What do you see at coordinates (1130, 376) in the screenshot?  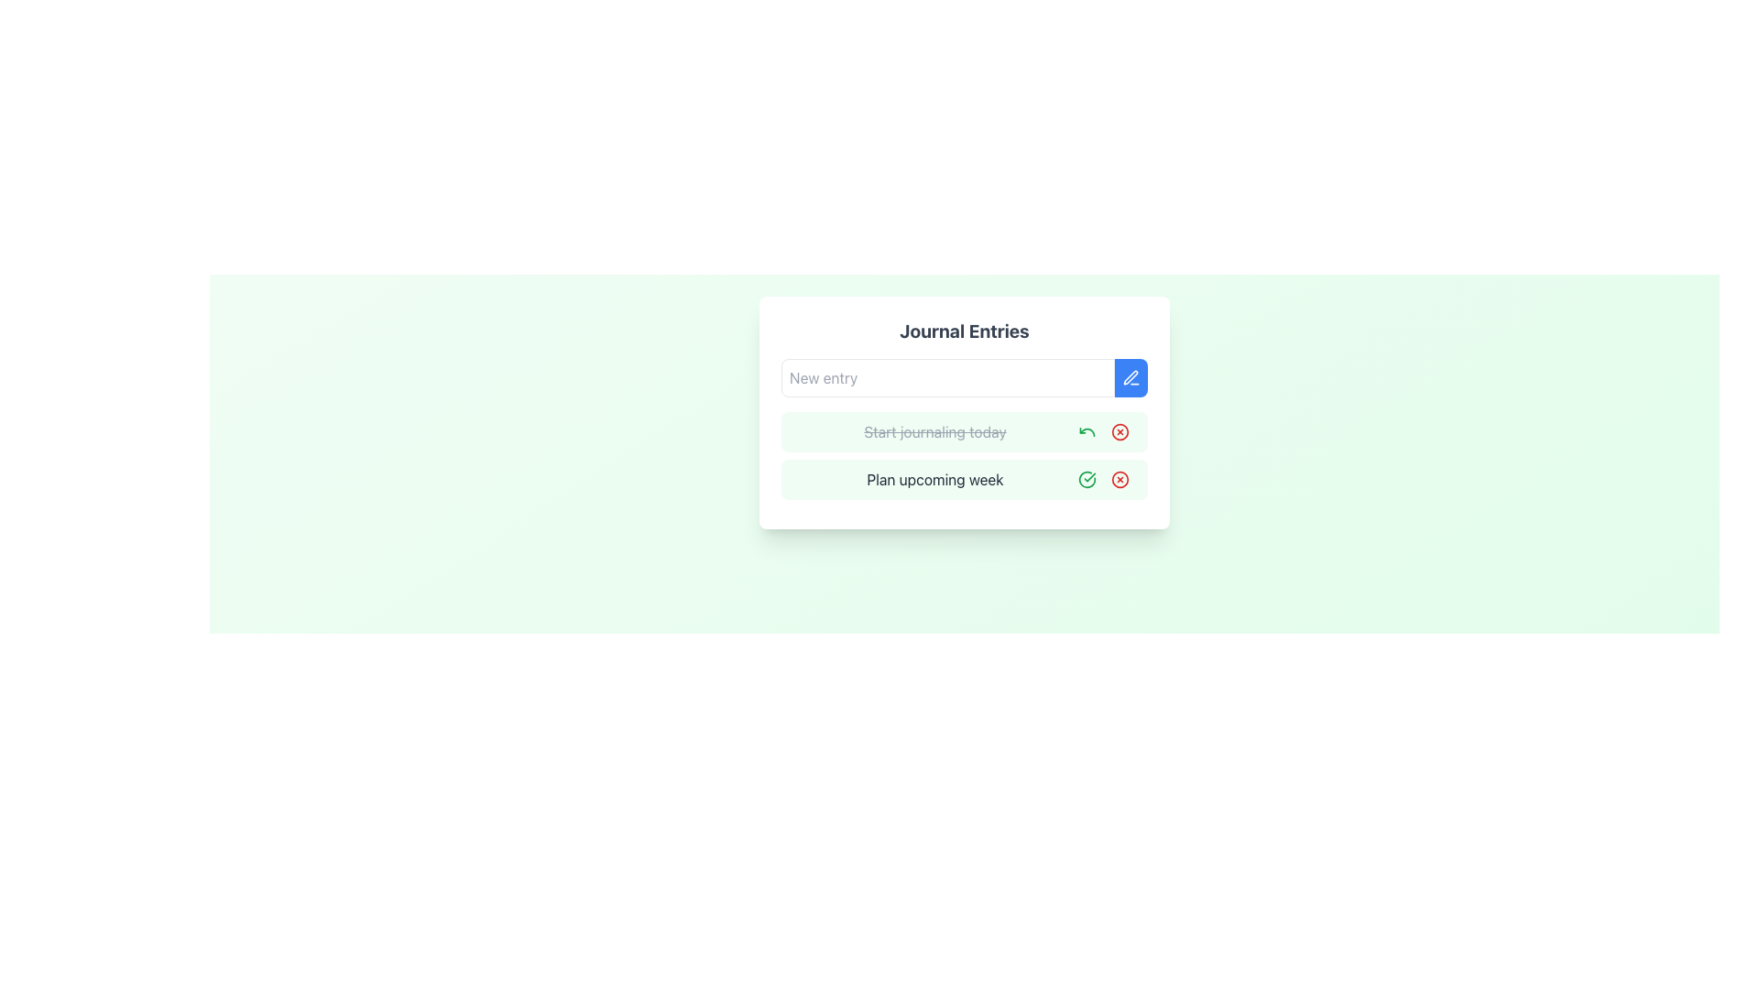 I see `the 'submit' button located to the right of the 'New entry' text box` at bounding box center [1130, 376].